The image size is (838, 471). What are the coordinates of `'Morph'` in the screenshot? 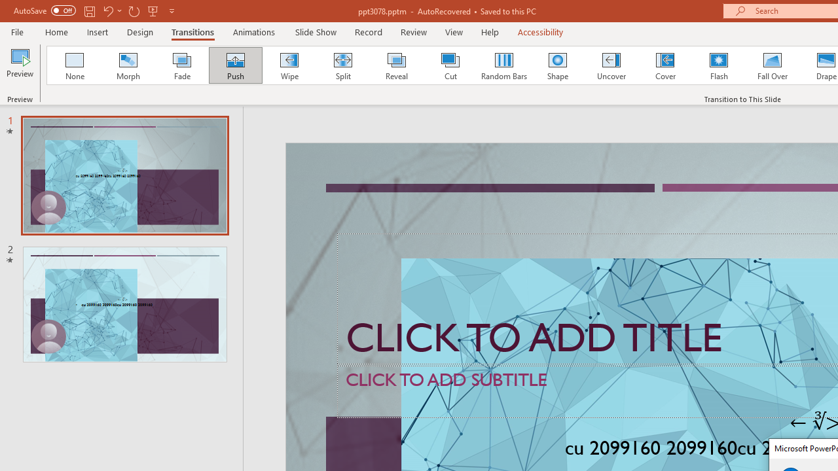 It's located at (128, 65).